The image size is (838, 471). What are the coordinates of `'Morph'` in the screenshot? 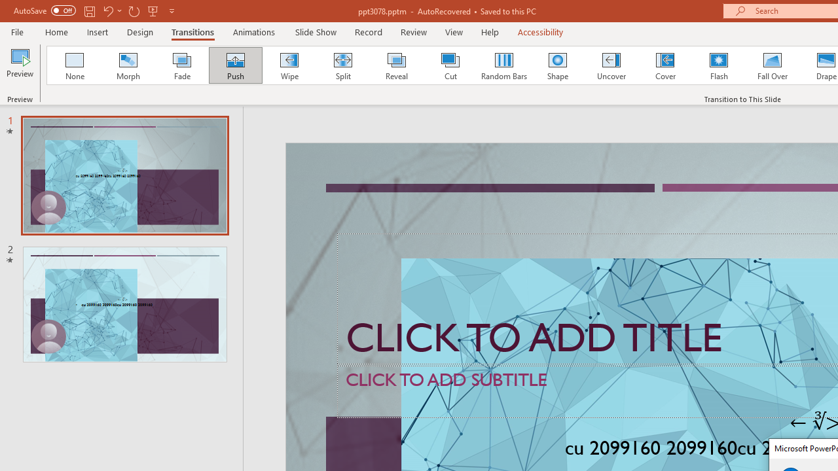 It's located at (128, 65).